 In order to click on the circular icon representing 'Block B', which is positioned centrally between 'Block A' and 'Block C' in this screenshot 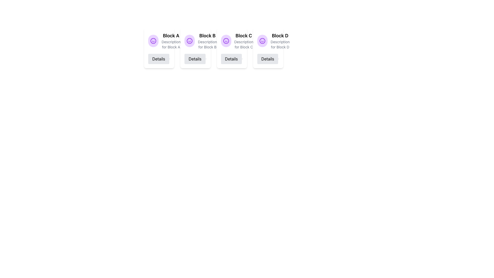, I will do `click(226, 40)`.